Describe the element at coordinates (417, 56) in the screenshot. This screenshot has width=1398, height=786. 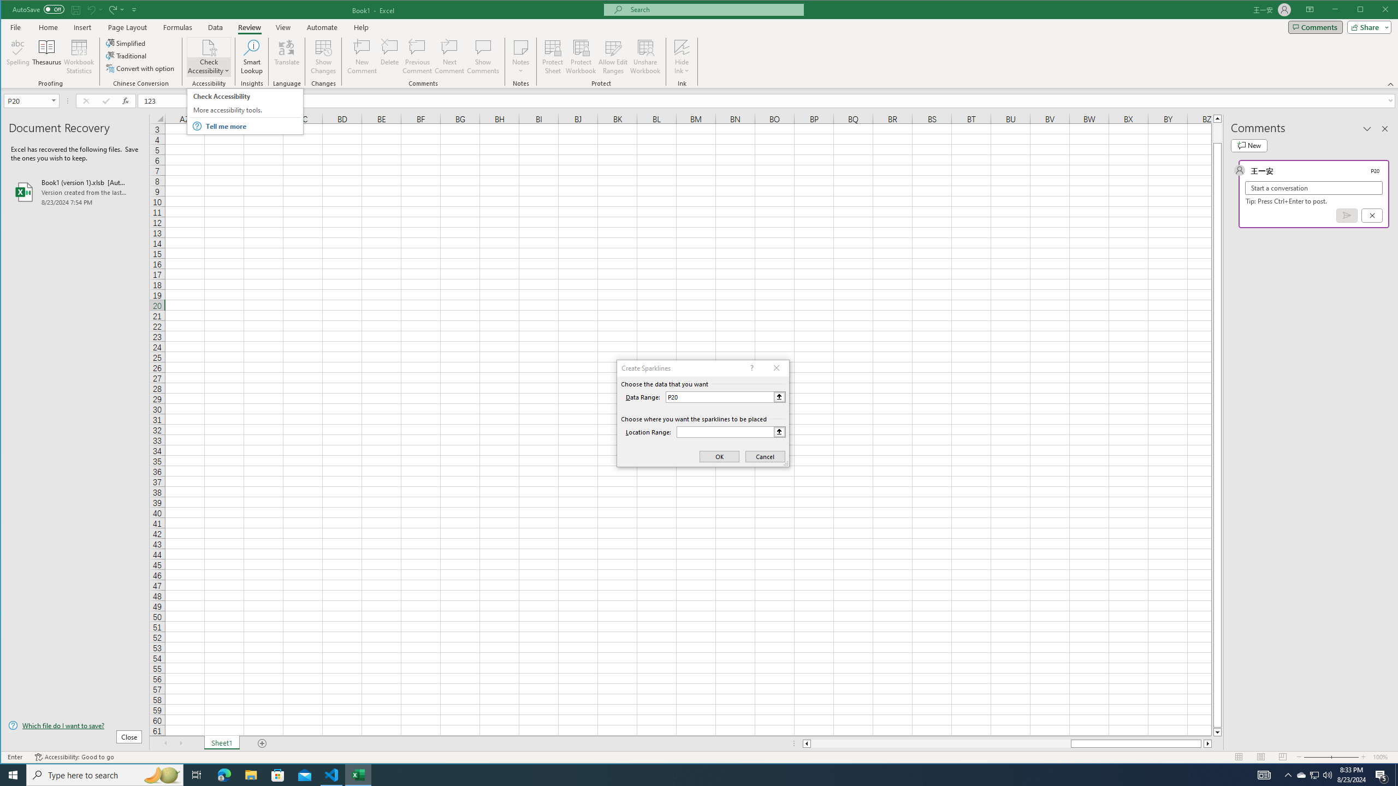
I see `'Previous Comment'` at that location.